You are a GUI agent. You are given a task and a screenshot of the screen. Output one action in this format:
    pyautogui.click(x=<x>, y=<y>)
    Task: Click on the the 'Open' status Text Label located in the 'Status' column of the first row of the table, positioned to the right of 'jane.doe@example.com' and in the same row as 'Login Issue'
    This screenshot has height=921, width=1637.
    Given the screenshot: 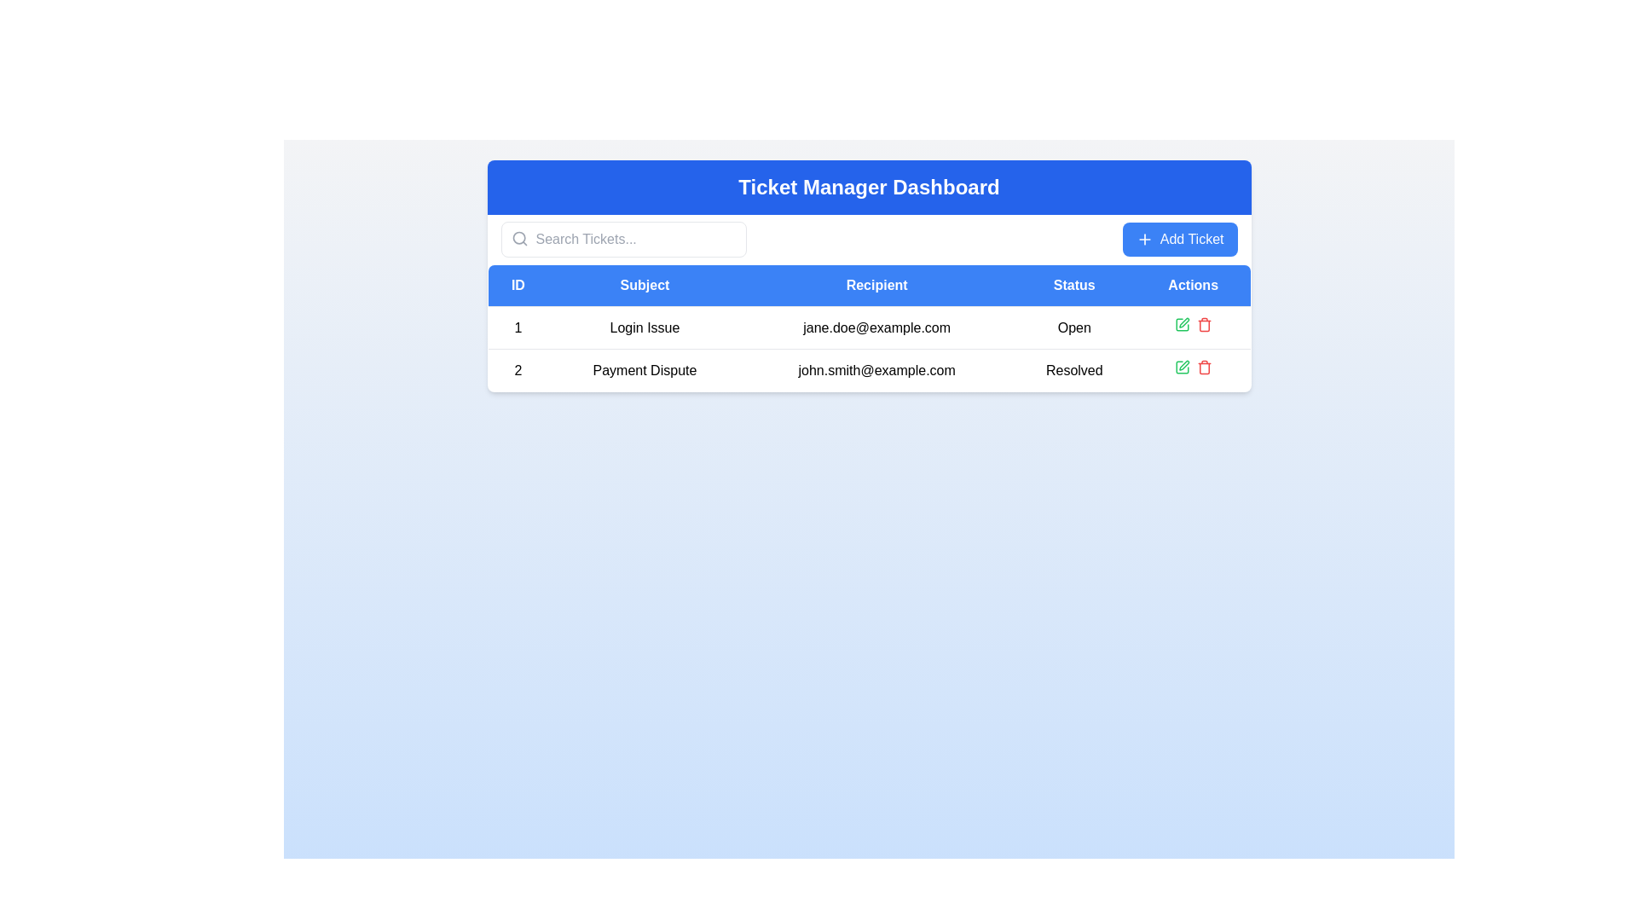 What is the action you would take?
    pyautogui.click(x=1073, y=327)
    